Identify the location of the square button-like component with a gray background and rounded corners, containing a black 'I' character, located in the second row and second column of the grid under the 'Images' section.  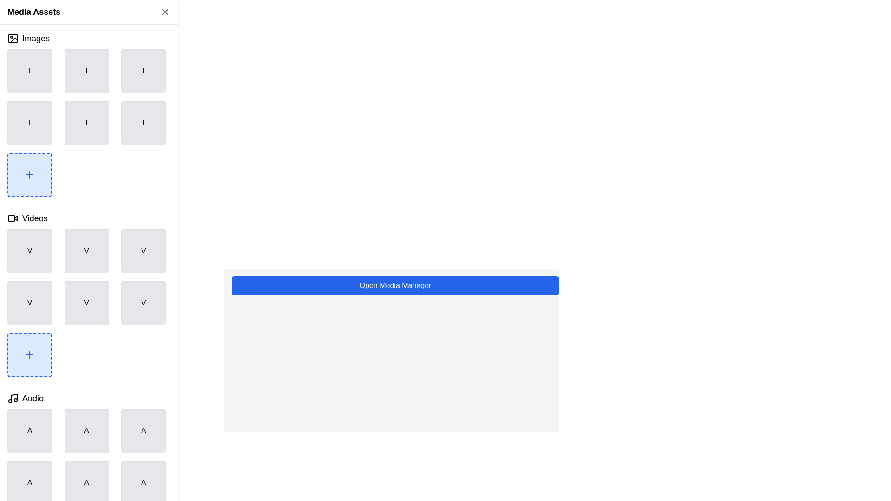
(86, 122).